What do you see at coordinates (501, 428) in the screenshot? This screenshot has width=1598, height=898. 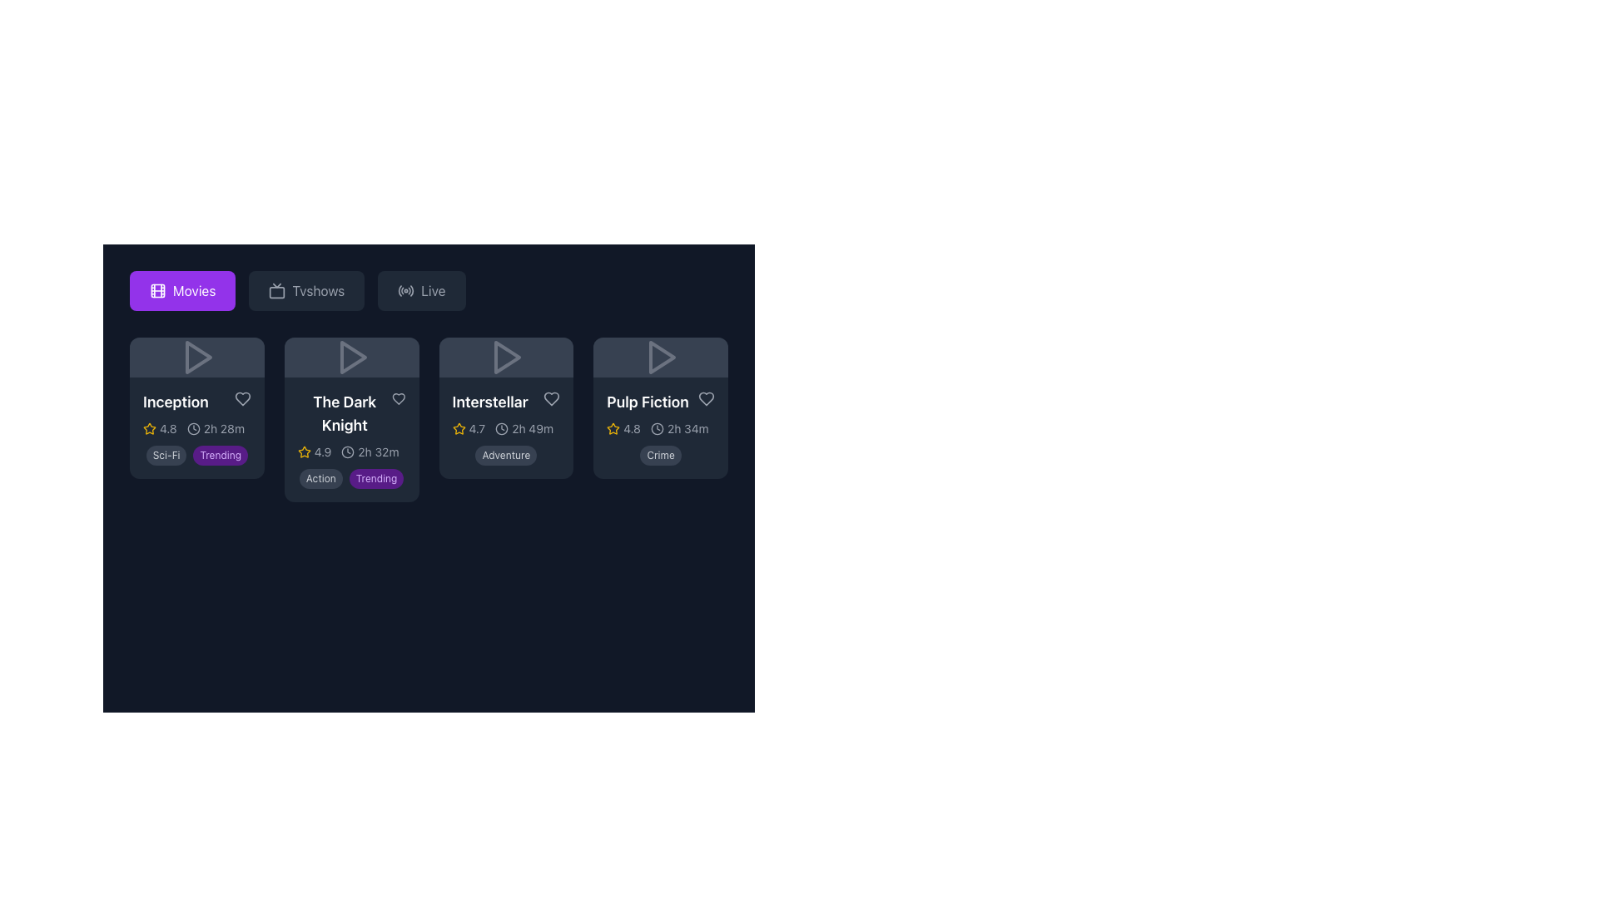 I see `the clock icon representing the runtime of the 'Interstellar' movie, which is located in the third movie card from the left` at bounding box center [501, 428].